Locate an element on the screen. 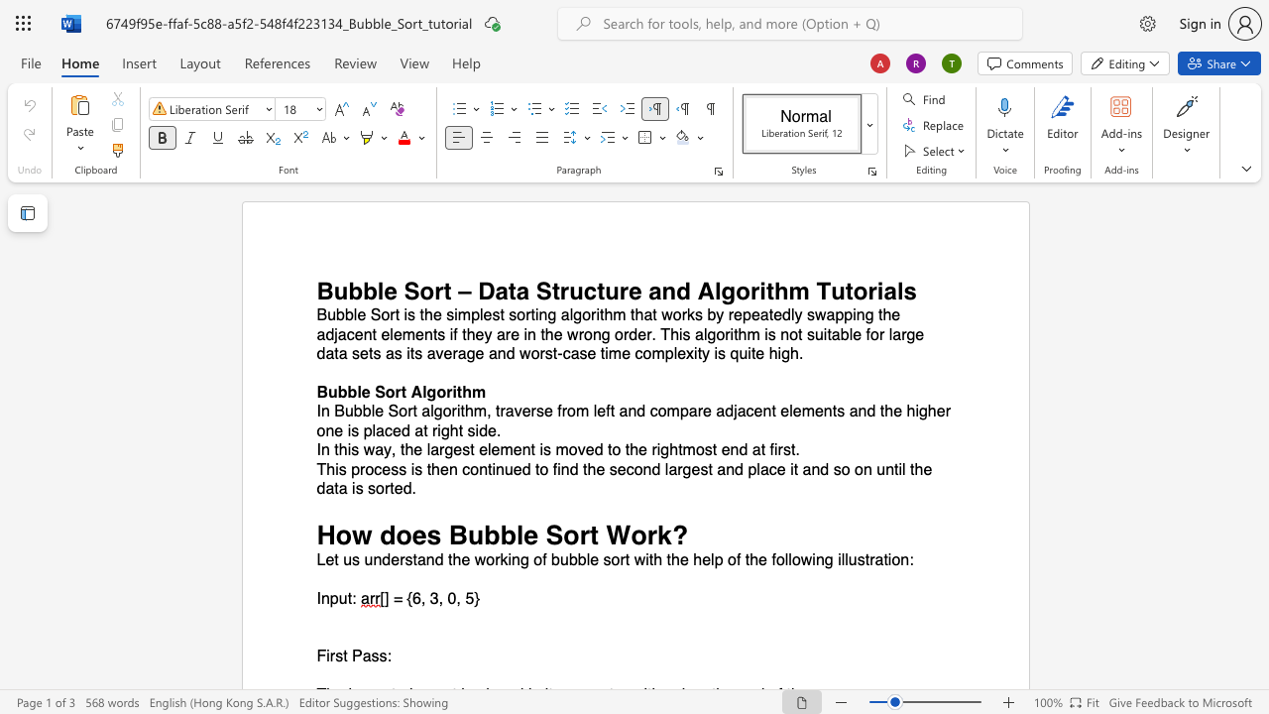  the 1th character "n" in the text is located at coordinates (668, 291).